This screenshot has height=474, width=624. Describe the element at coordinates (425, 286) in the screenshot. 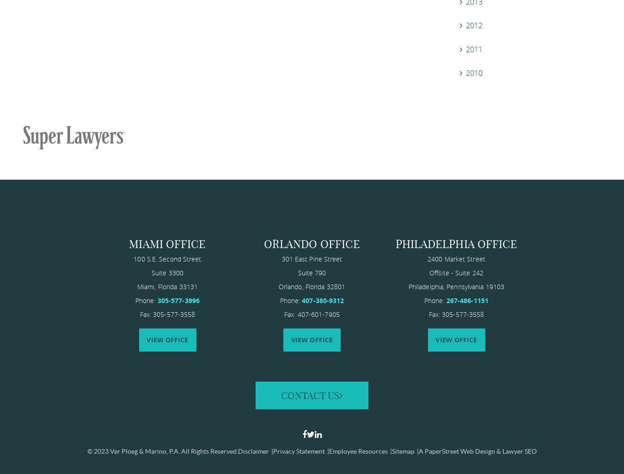

I see `'Philadelphia'` at that location.